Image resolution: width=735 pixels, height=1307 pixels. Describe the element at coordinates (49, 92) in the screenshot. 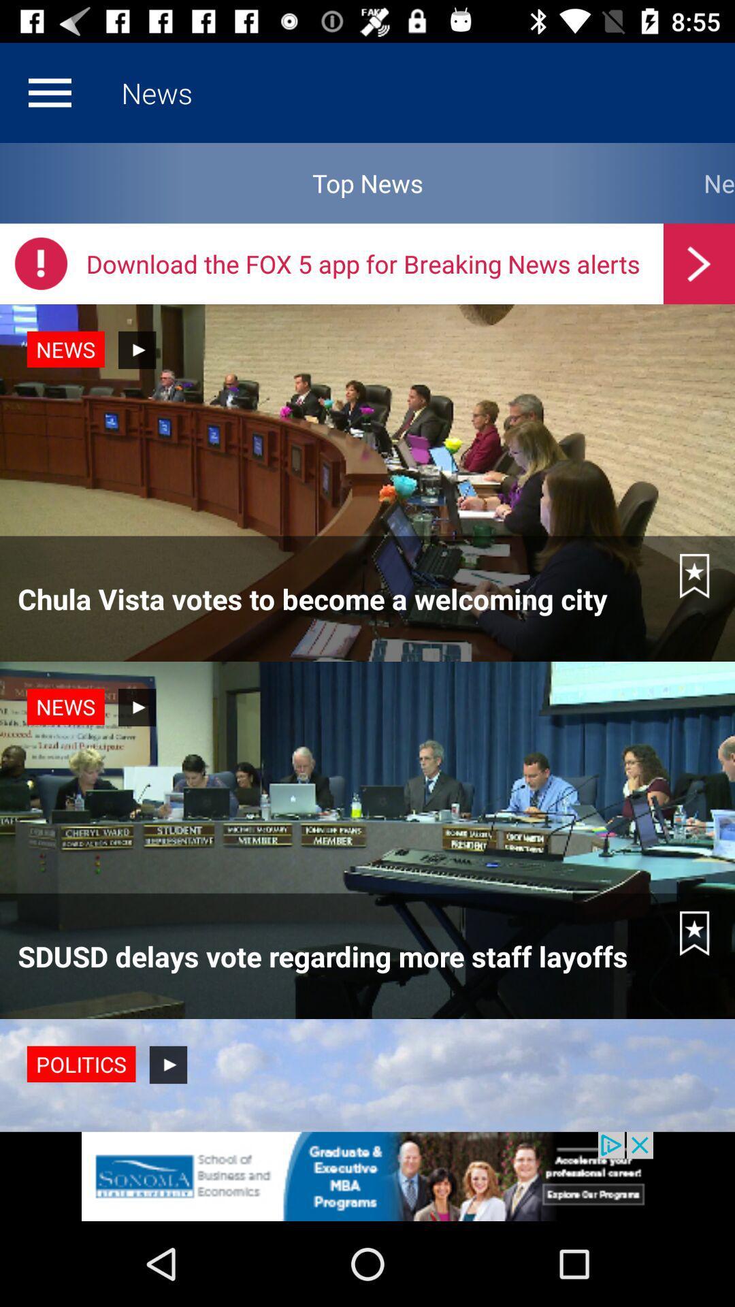

I see `open menu` at that location.